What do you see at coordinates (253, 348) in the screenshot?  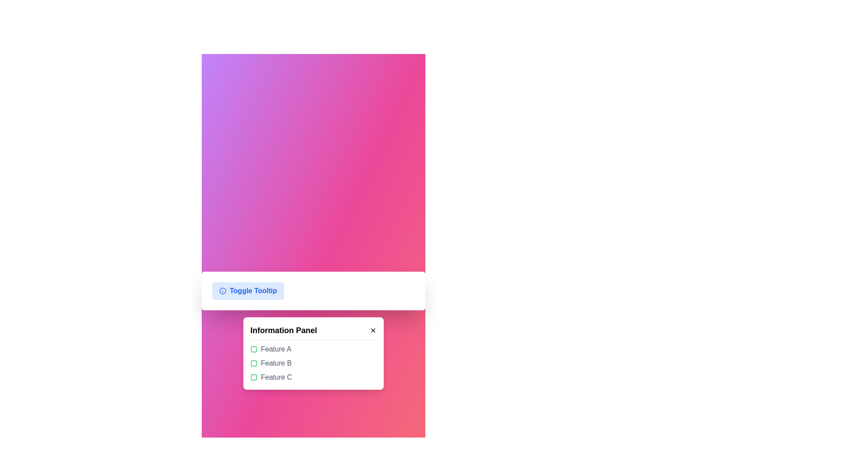 I see `the central SVG rectangle icon that is part of the interface below the 'Information Panel' title and adjacent to the 'Feature A' label` at bounding box center [253, 348].